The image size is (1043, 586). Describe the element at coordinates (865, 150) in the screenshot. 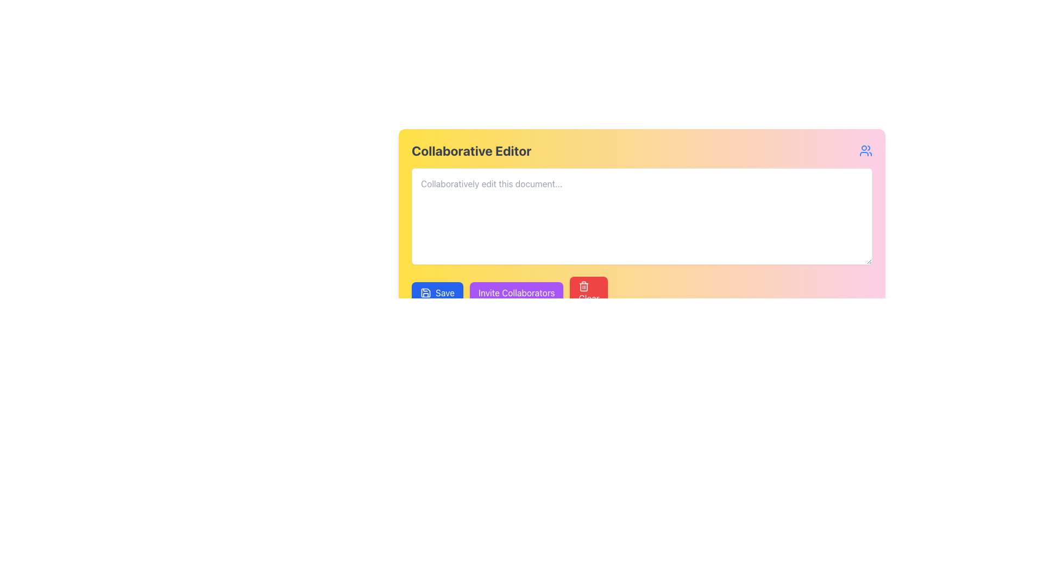

I see `the graphical icon resembling a group of people, which is predominantly blue and located at the top-right corner of the 'Collaborative Editor' section` at that location.